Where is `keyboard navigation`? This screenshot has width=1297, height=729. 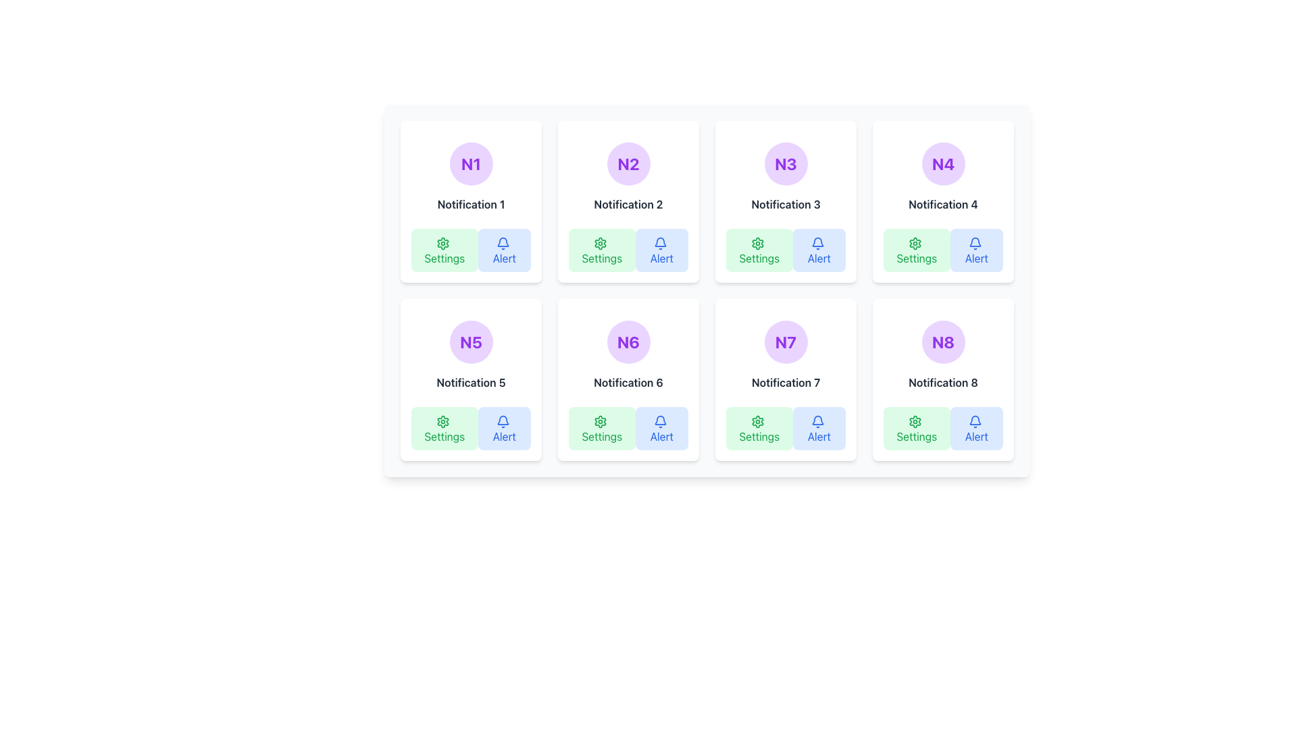
keyboard navigation is located at coordinates (758, 421).